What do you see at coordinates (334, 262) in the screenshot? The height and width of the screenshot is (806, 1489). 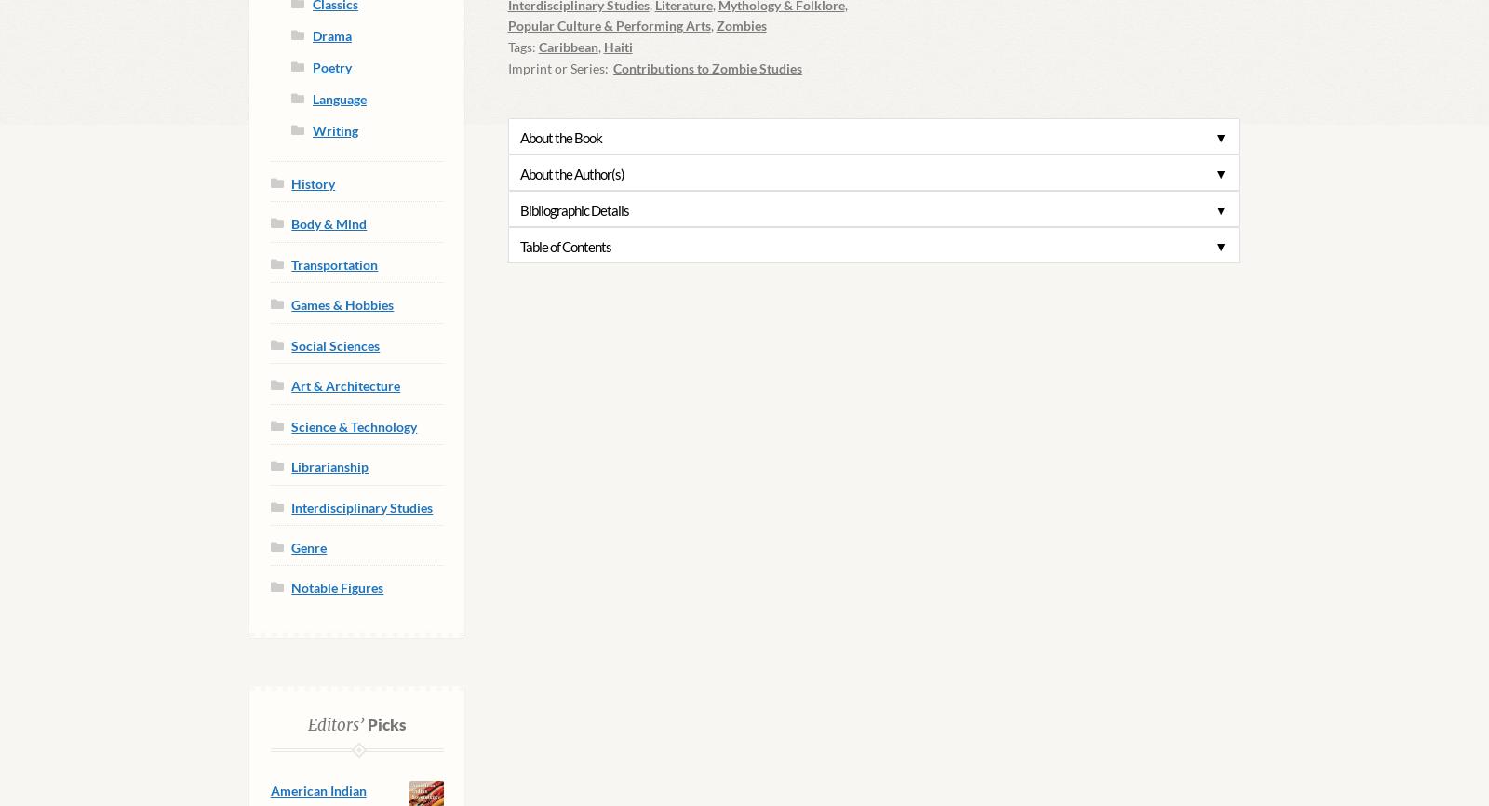 I see `'Transportation'` at bounding box center [334, 262].